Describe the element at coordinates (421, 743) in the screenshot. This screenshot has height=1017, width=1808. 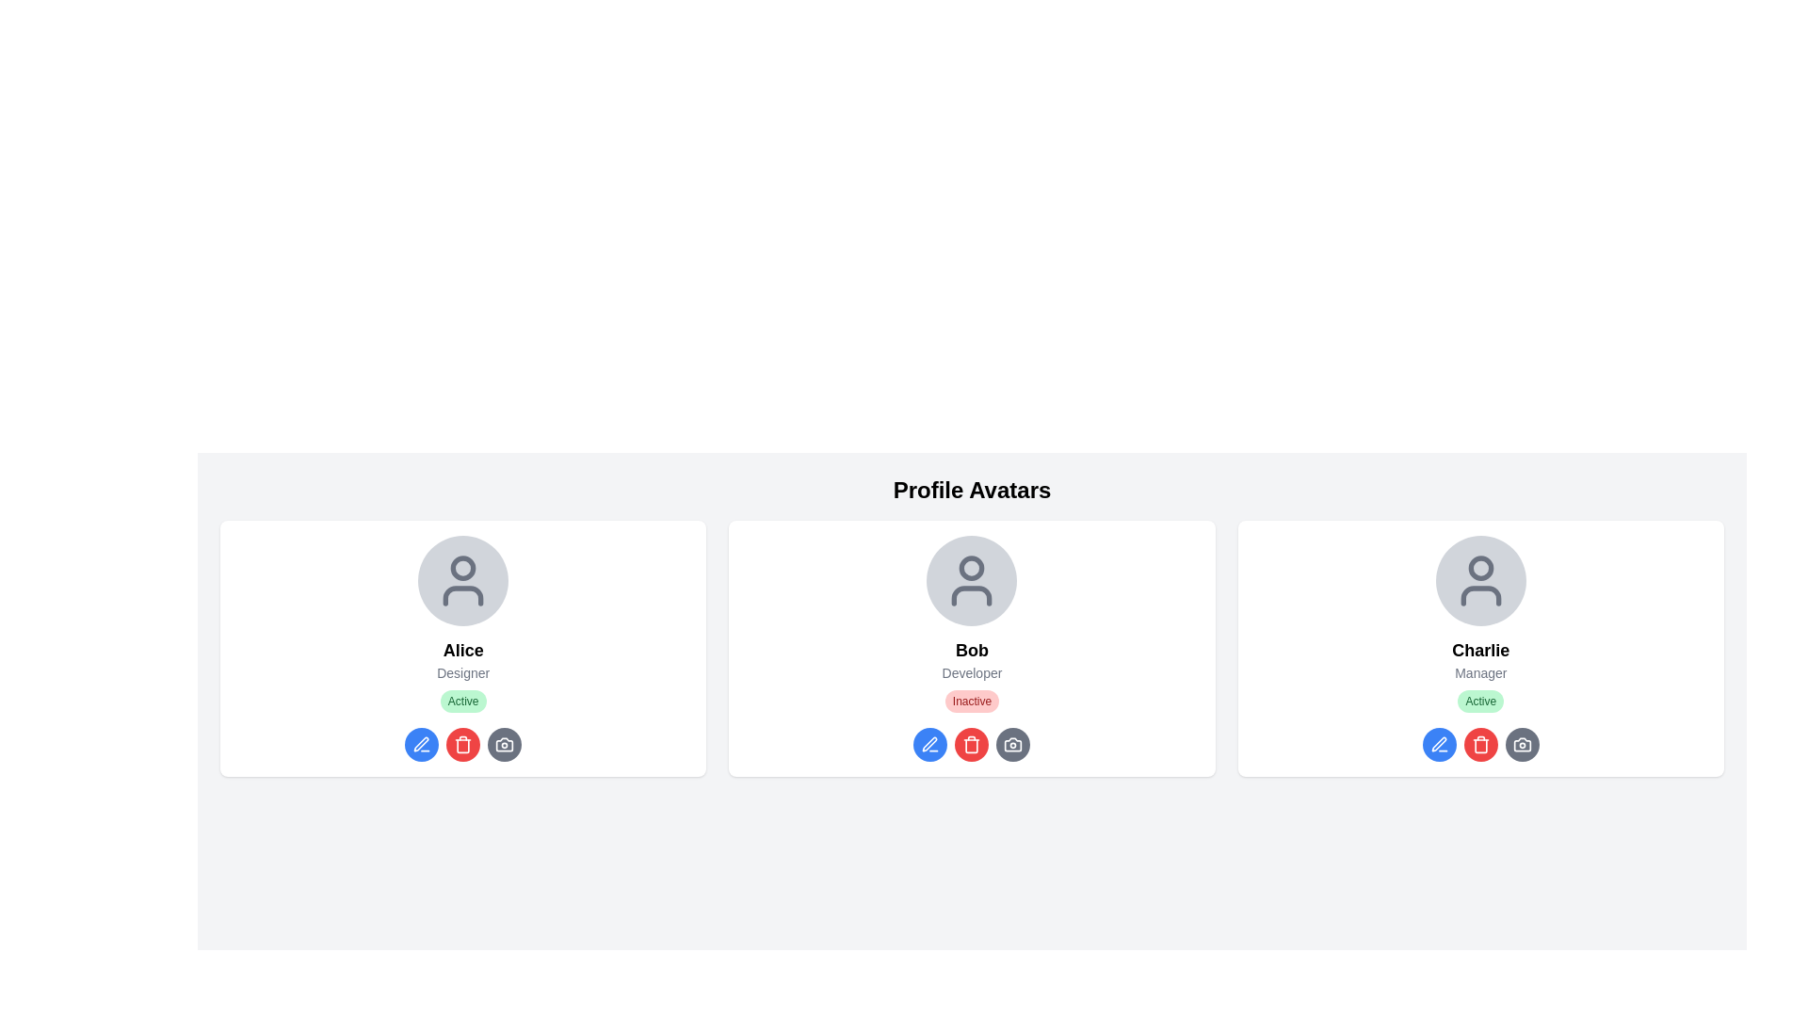
I see `the edit button located at the bottom of Alice's profile card, which is the leftmost of three horizontal buttons beneath the 'Active' badge, to initiate its action` at that location.